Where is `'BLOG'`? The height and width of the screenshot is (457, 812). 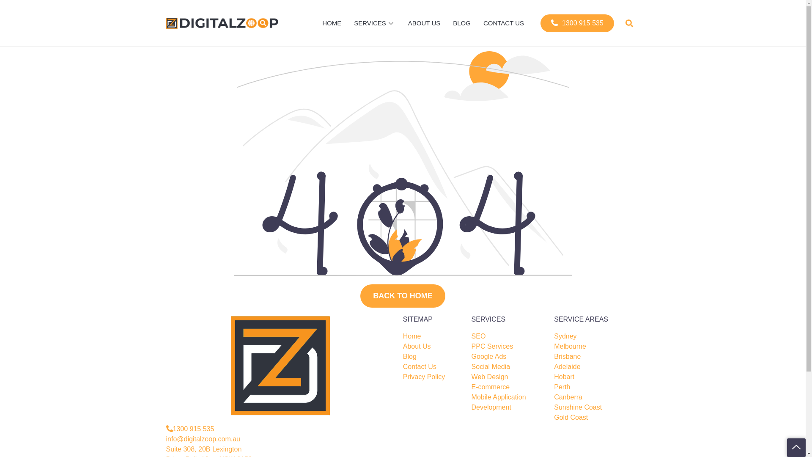
'BLOG' is located at coordinates (446, 22).